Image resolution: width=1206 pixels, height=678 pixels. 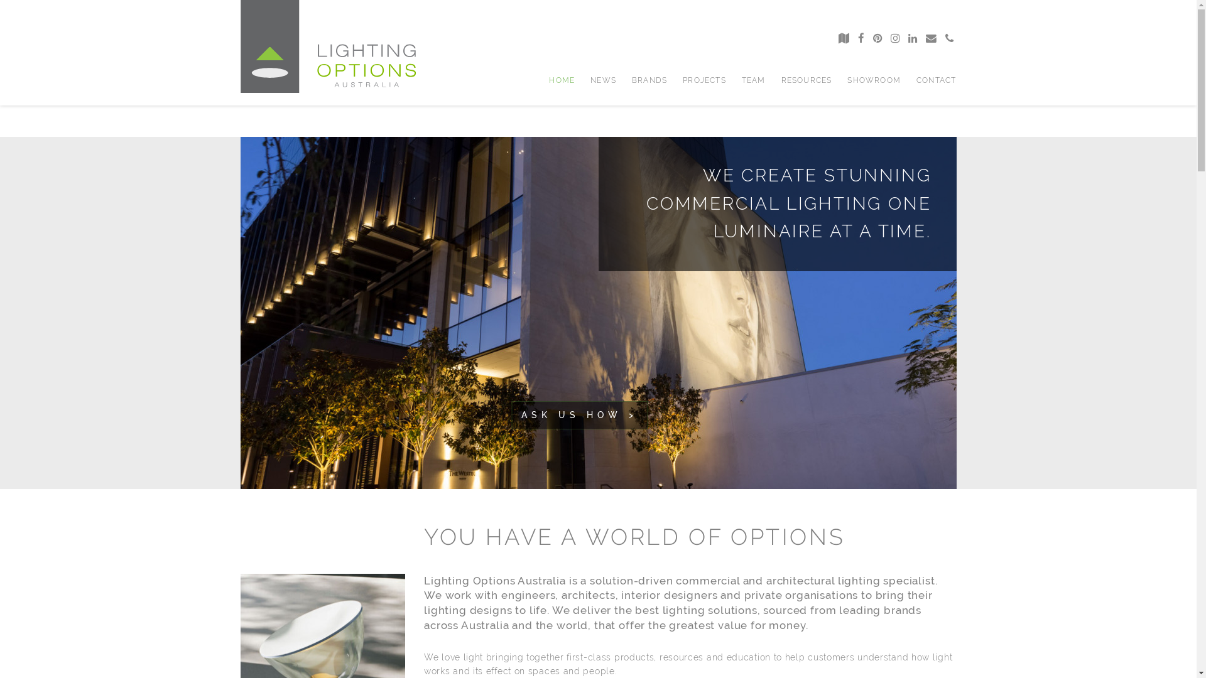 What do you see at coordinates (936, 80) in the screenshot?
I see `'CONTACT'` at bounding box center [936, 80].